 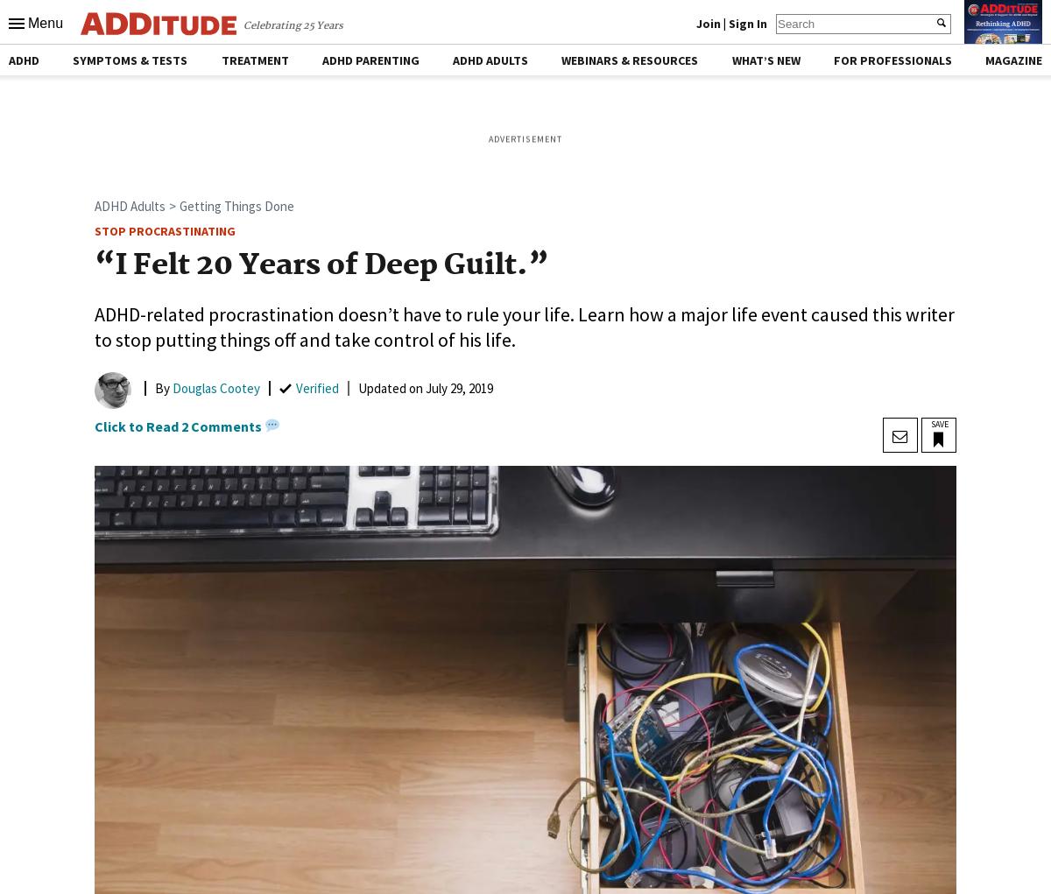 I want to click on 'WHAT’S NEW', so click(x=764, y=59).